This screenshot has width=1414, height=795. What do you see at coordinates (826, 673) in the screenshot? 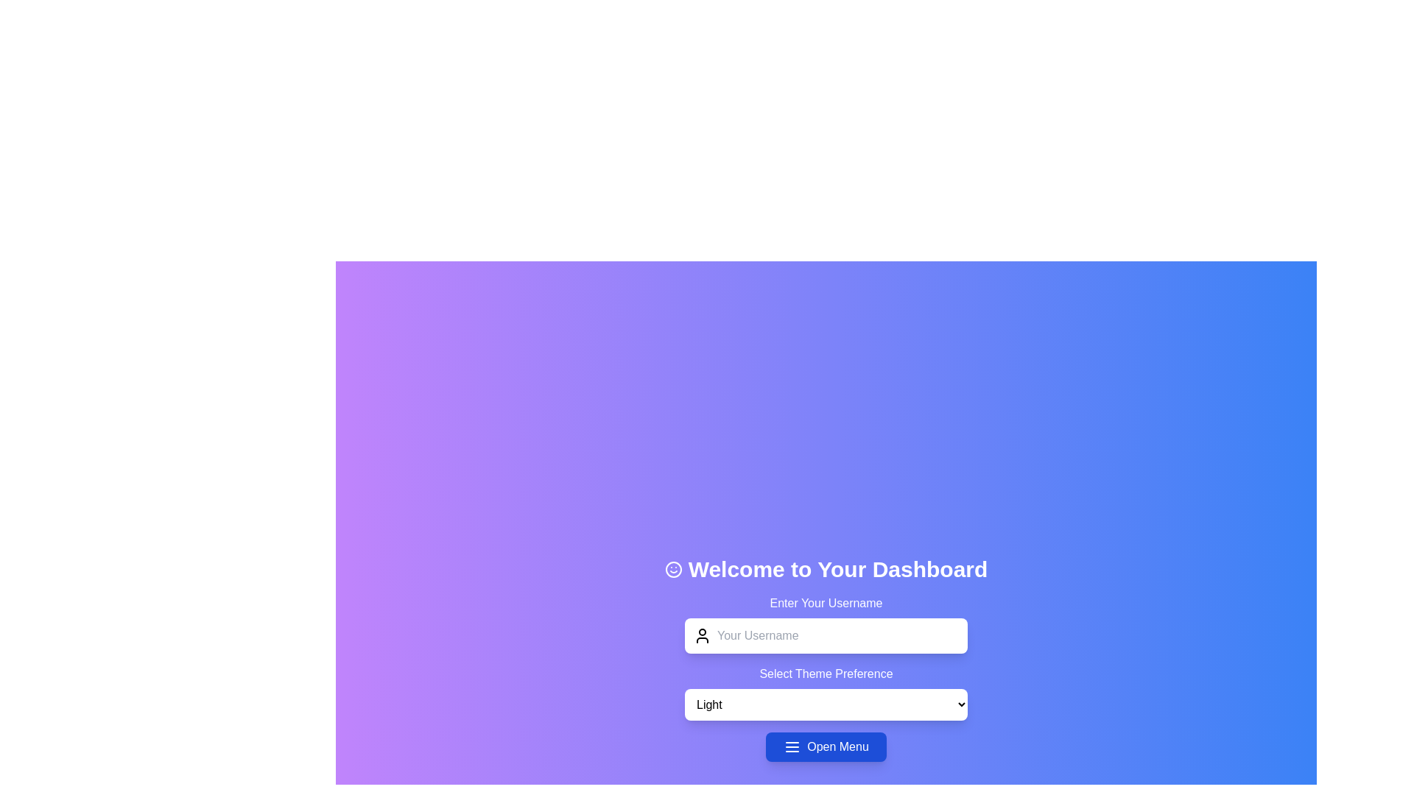
I see `the static text label displaying 'Select Theme Preference' in white font, located above the dropdown menu for theme selection in the user settings interface` at bounding box center [826, 673].